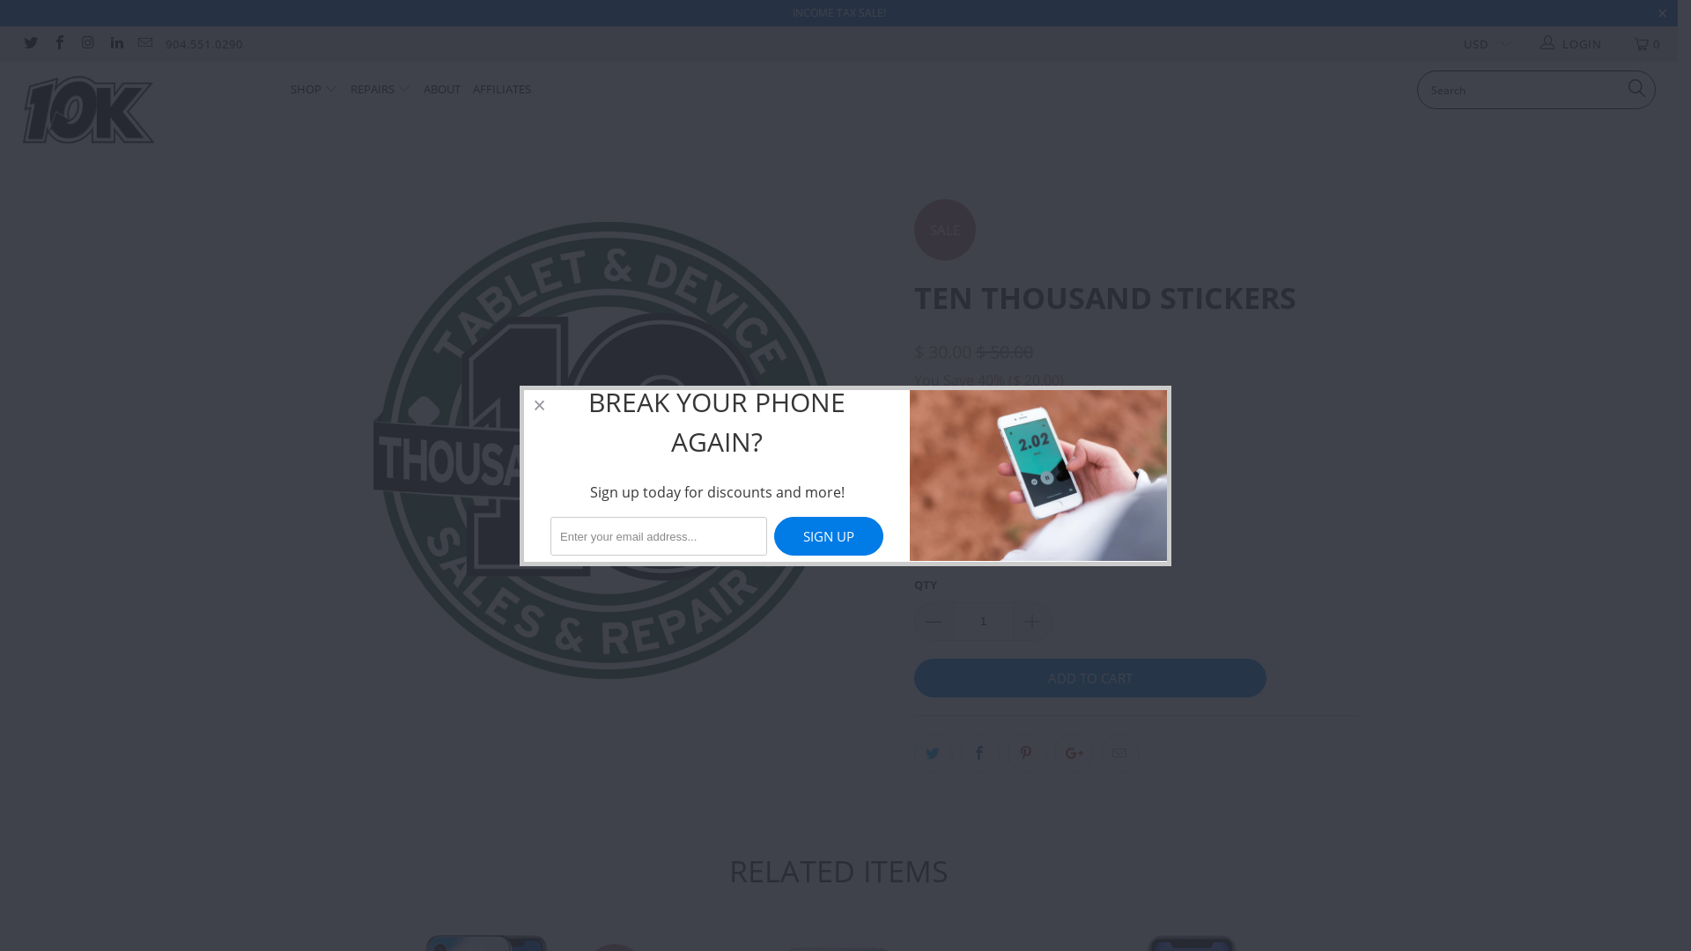 This screenshot has width=1691, height=951. Describe the element at coordinates (1571, 43) in the screenshot. I see `'LOGIN'` at that location.